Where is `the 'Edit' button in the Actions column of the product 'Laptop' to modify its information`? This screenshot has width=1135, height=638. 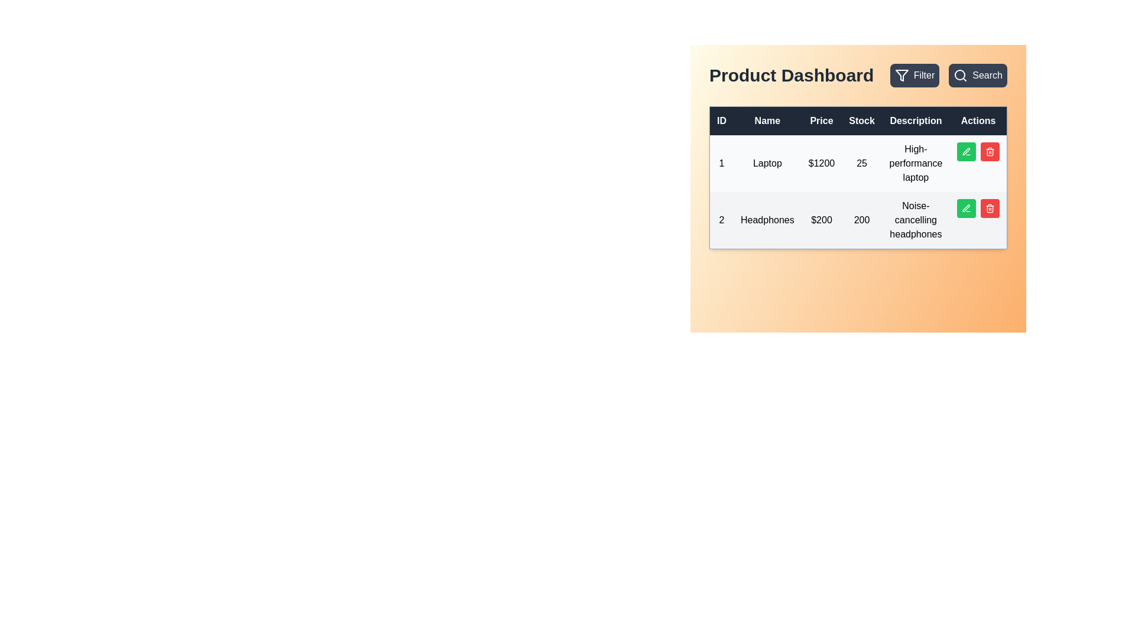 the 'Edit' button in the Actions column of the product 'Laptop' to modify its information is located at coordinates (978, 151).